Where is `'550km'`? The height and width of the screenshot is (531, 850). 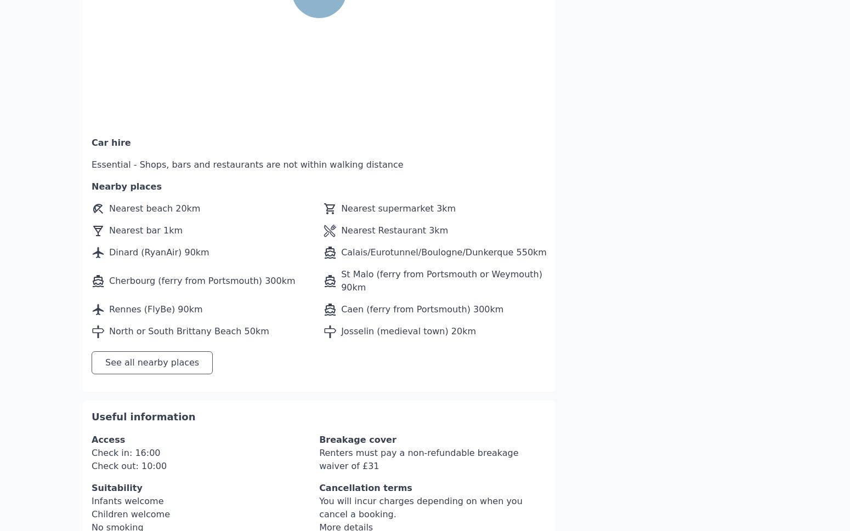
'550km' is located at coordinates (530, 219).